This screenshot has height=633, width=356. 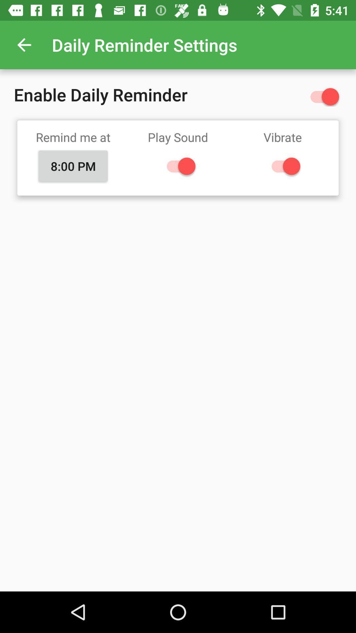 I want to click on the icon to the left of daily reminder settings, so click(x=24, y=45).